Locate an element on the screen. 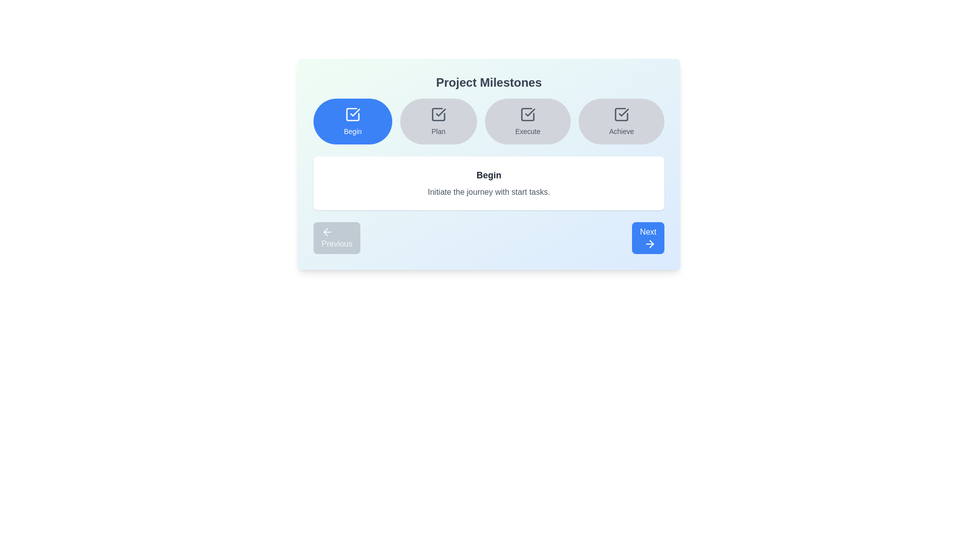 Image resolution: width=957 pixels, height=538 pixels. the checkmark icon within the blue 'Begin' button, indicating the selected state of the milestone is located at coordinates (355, 112).